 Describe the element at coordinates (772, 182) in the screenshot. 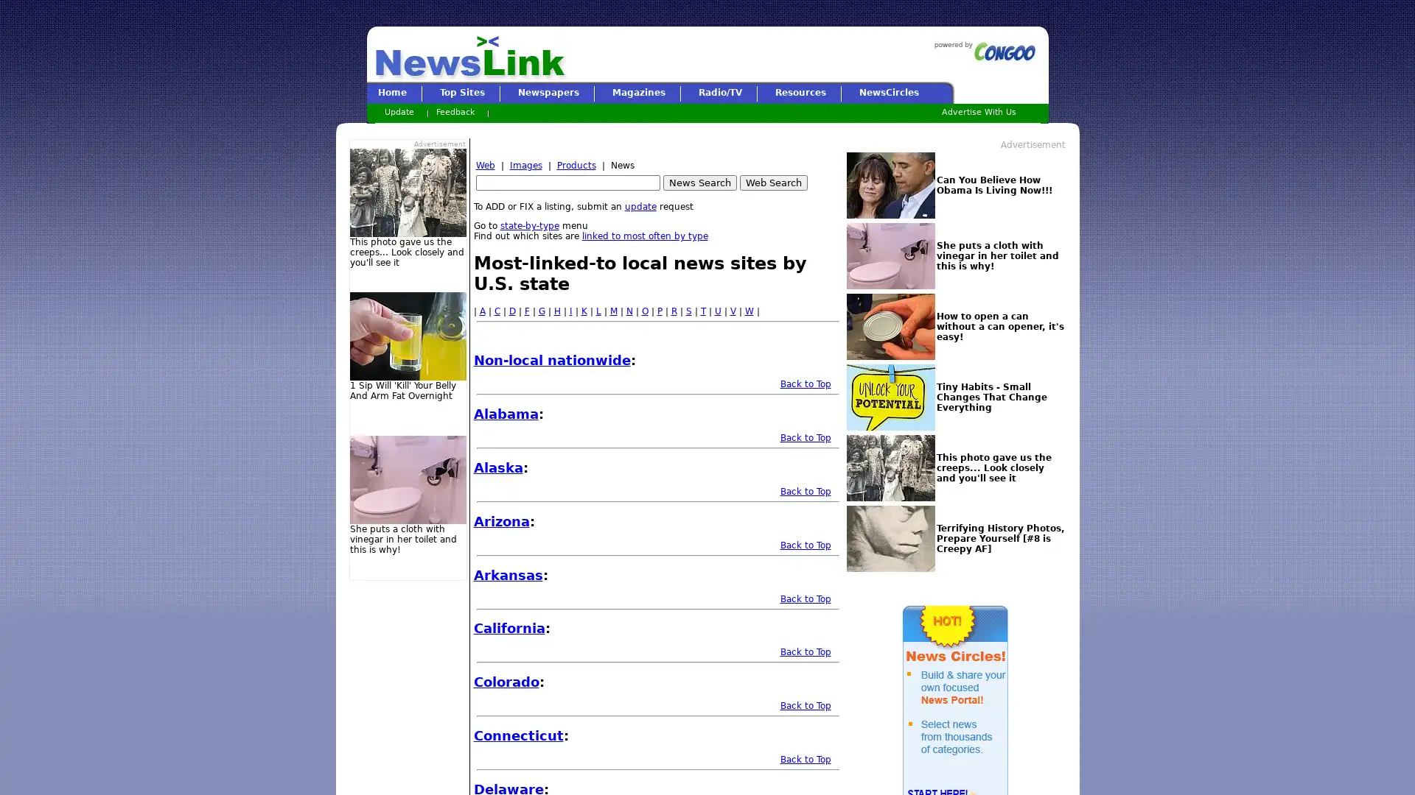

I see `Web Search` at that location.